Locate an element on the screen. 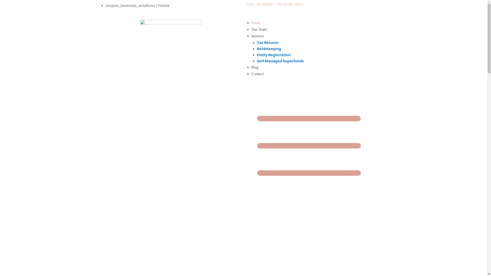  'Self Managed Superfunds' is located at coordinates (280, 61).